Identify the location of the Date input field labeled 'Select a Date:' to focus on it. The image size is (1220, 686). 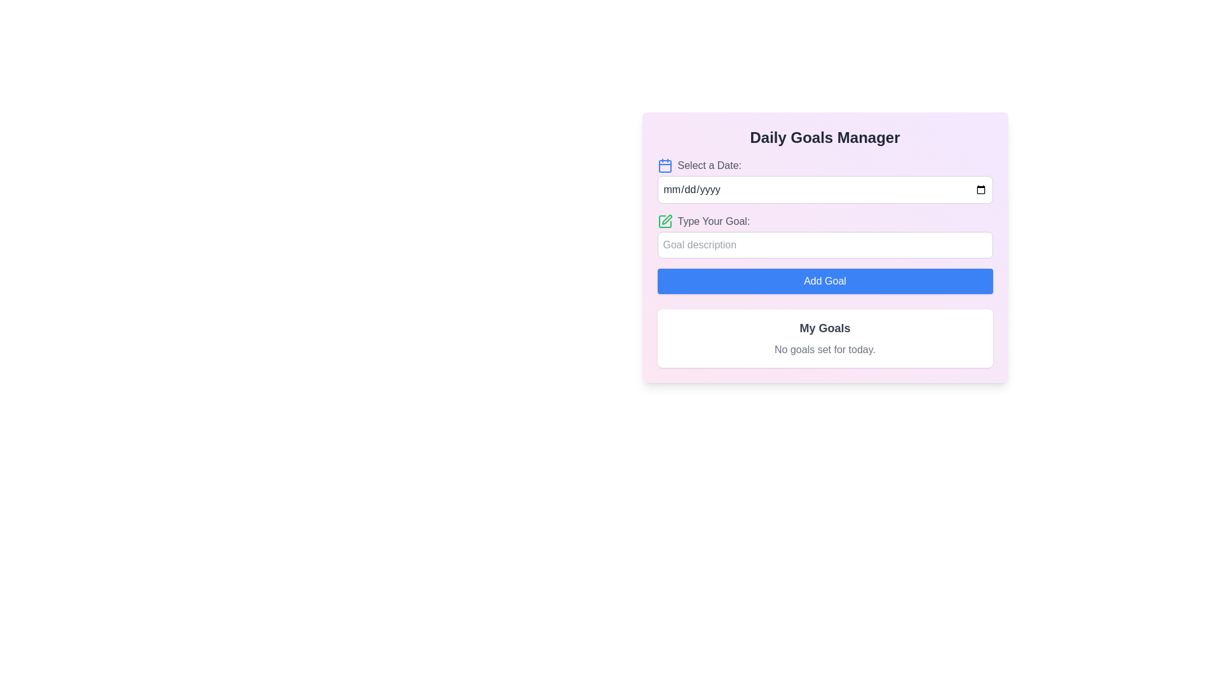
(825, 190).